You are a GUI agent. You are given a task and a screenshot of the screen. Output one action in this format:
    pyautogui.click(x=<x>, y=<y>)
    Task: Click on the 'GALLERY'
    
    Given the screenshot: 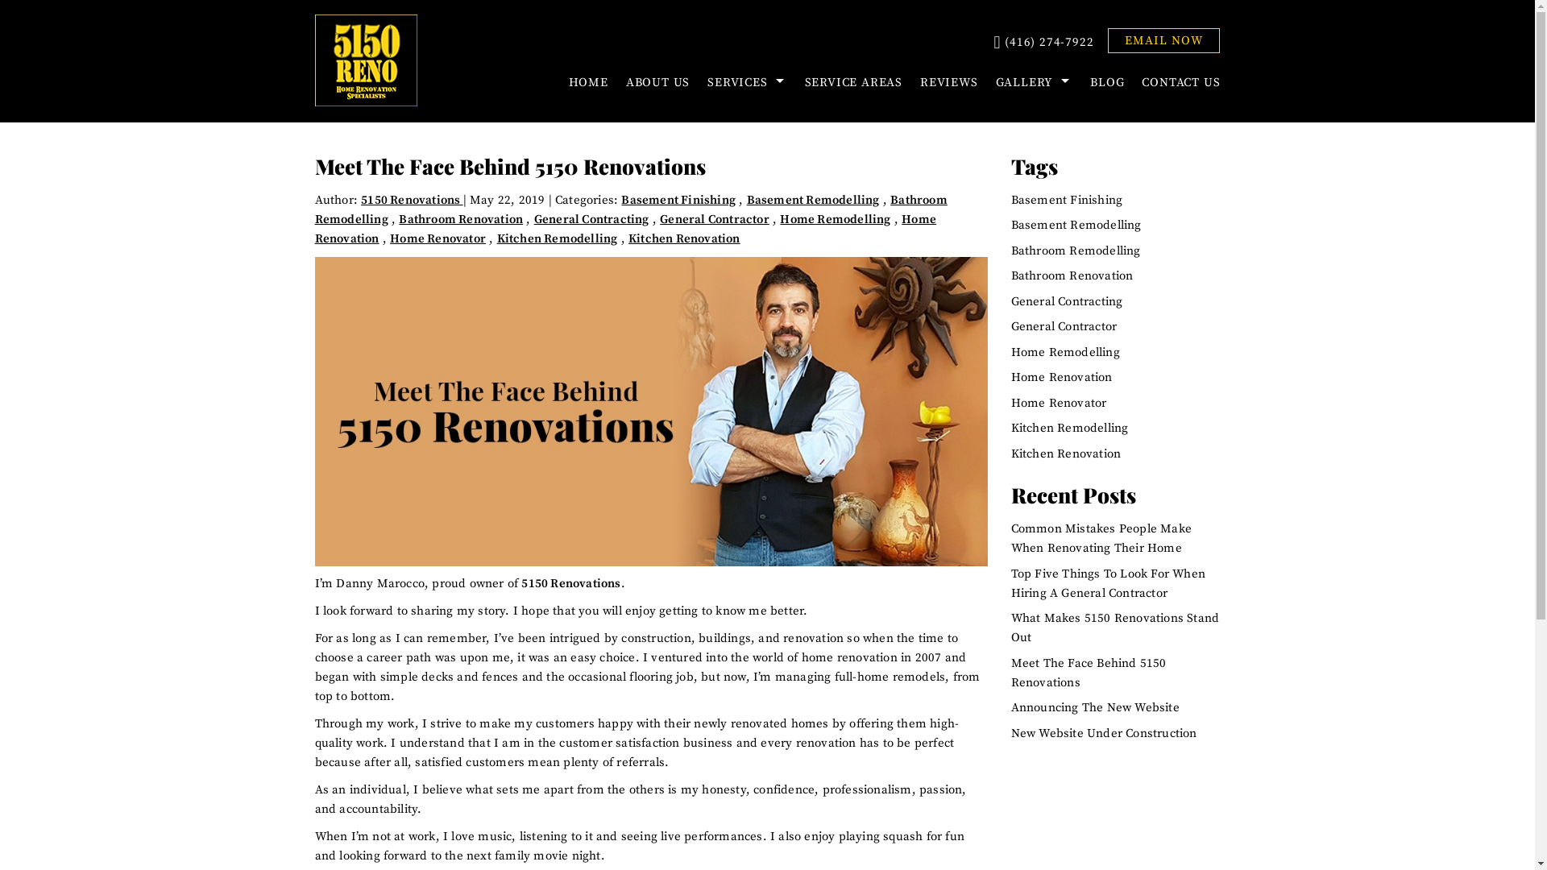 What is the action you would take?
    pyautogui.click(x=1034, y=82)
    